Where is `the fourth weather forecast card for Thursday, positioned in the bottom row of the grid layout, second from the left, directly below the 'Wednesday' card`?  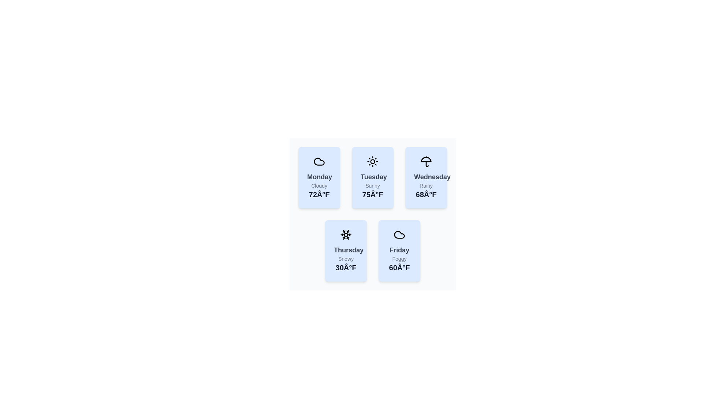 the fourth weather forecast card for Thursday, positioned in the bottom row of the grid layout, second from the left, directly below the 'Wednesday' card is located at coordinates (340, 245).